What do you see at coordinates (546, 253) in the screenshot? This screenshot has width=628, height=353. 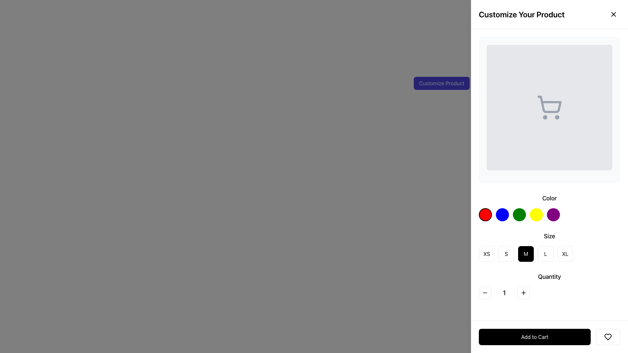 I see `the 'L' size selection button located in the 'Size' section of the product customization panel, which is the fourth button in a row of size options labeled 'XS', 'S', 'M', 'L', and 'XL'` at bounding box center [546, 253].